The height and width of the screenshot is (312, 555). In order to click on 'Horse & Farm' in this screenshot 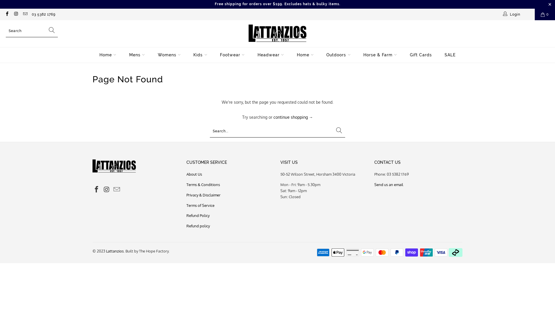, I will do `click(380, 55)`.